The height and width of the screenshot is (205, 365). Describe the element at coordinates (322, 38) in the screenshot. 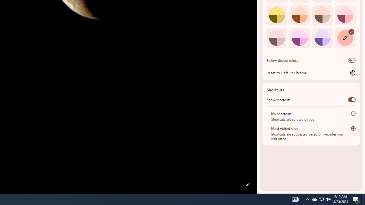

I see `'Violet'` at that location.